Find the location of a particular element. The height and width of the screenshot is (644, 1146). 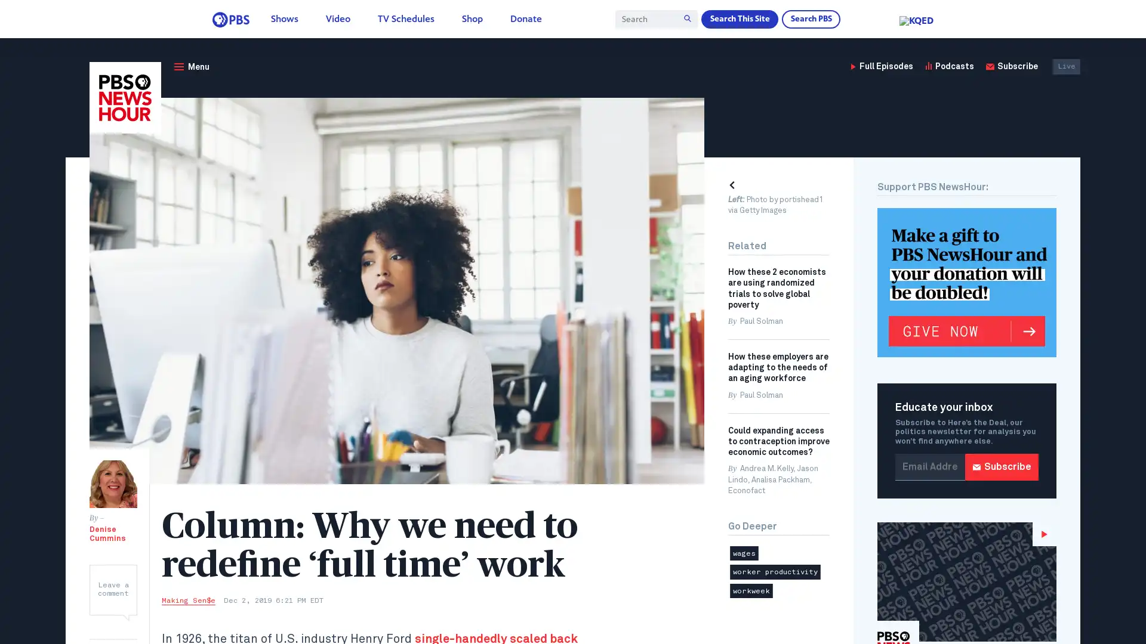

Subscribe is located at coordinates (1002, 466).